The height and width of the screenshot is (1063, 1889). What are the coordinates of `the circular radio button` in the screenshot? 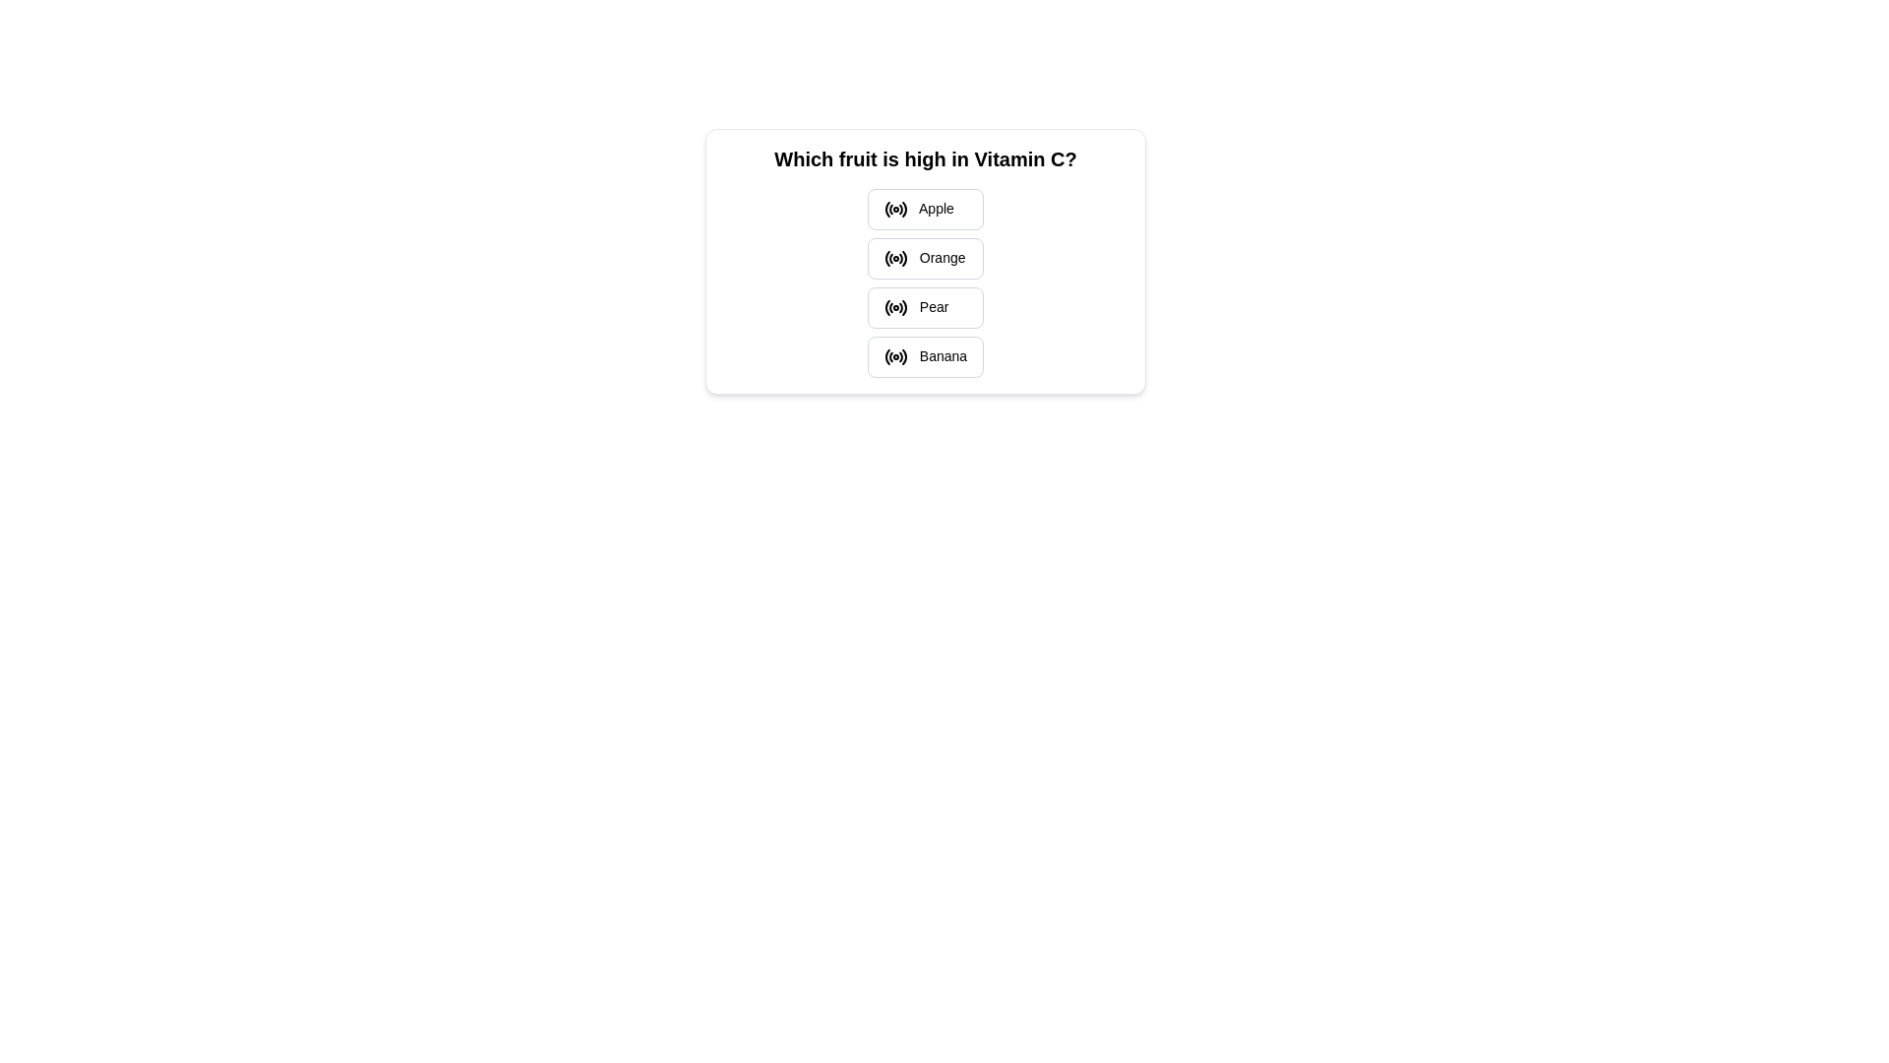 It's located at (894, 209).